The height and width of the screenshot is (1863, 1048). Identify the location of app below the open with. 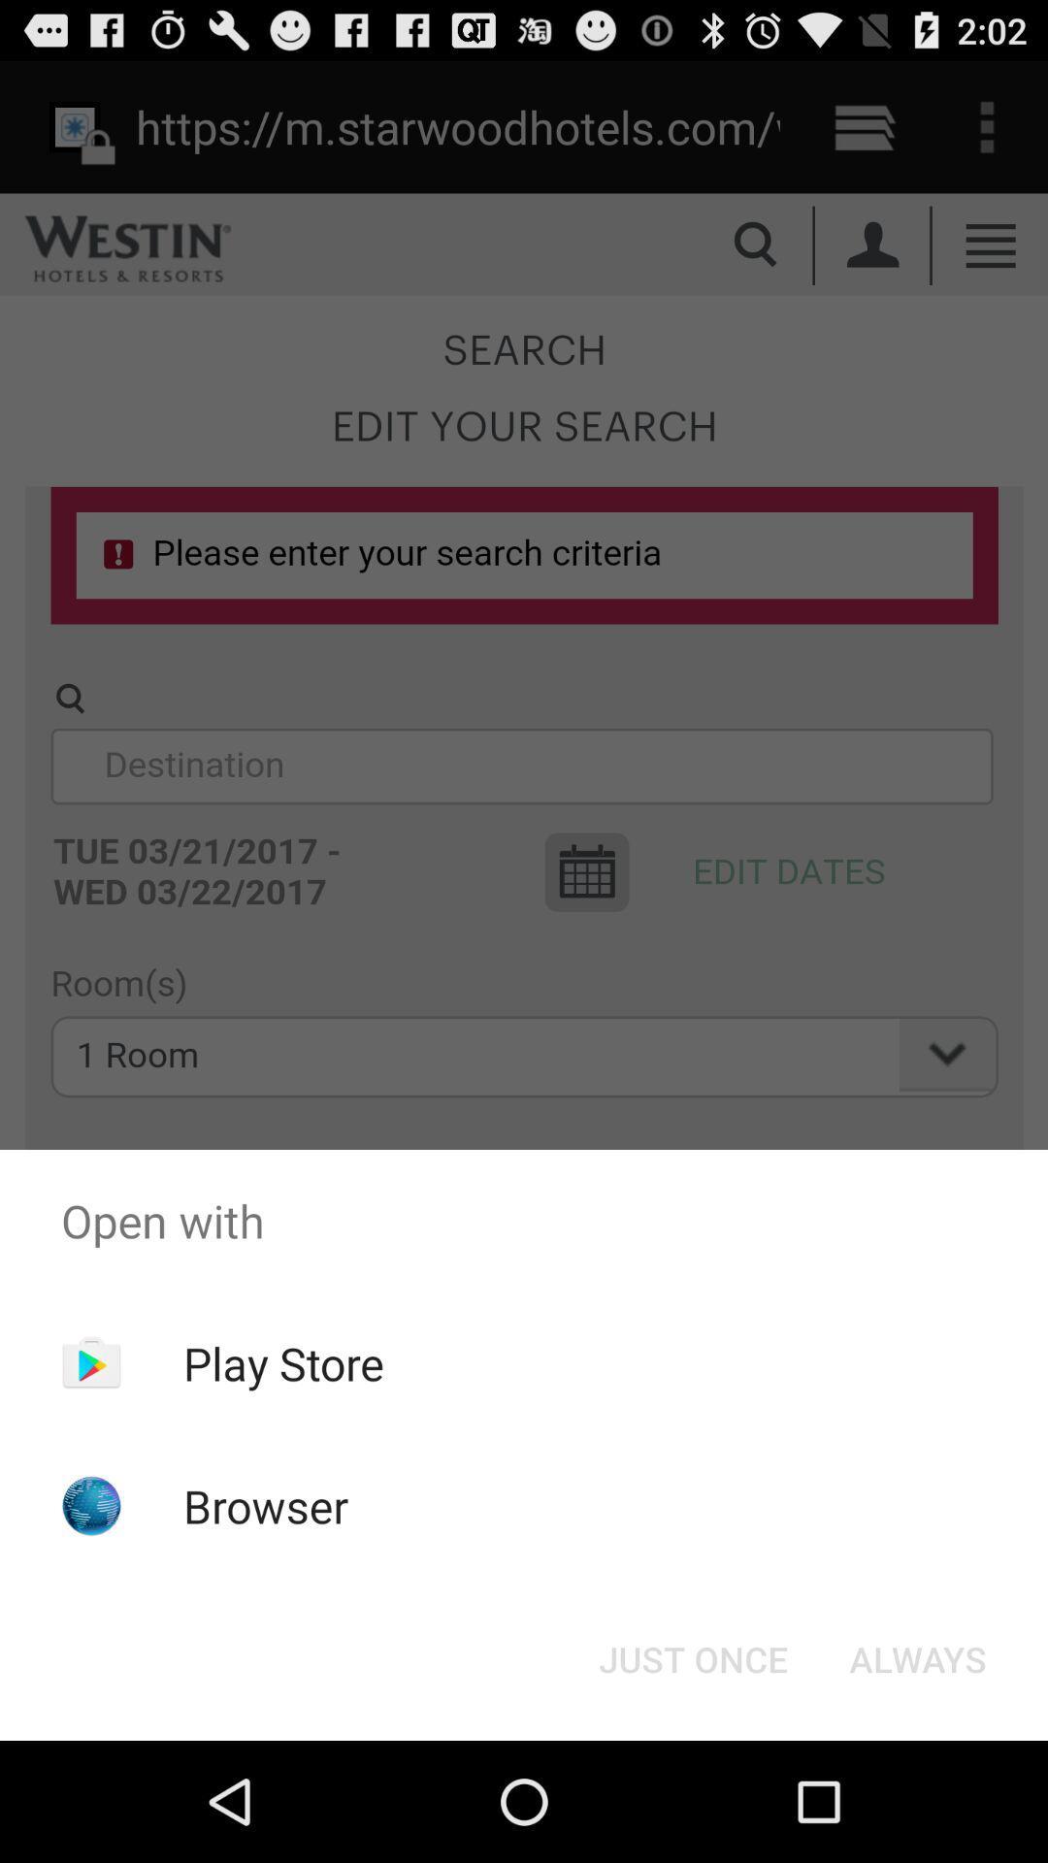
(283, 1362).